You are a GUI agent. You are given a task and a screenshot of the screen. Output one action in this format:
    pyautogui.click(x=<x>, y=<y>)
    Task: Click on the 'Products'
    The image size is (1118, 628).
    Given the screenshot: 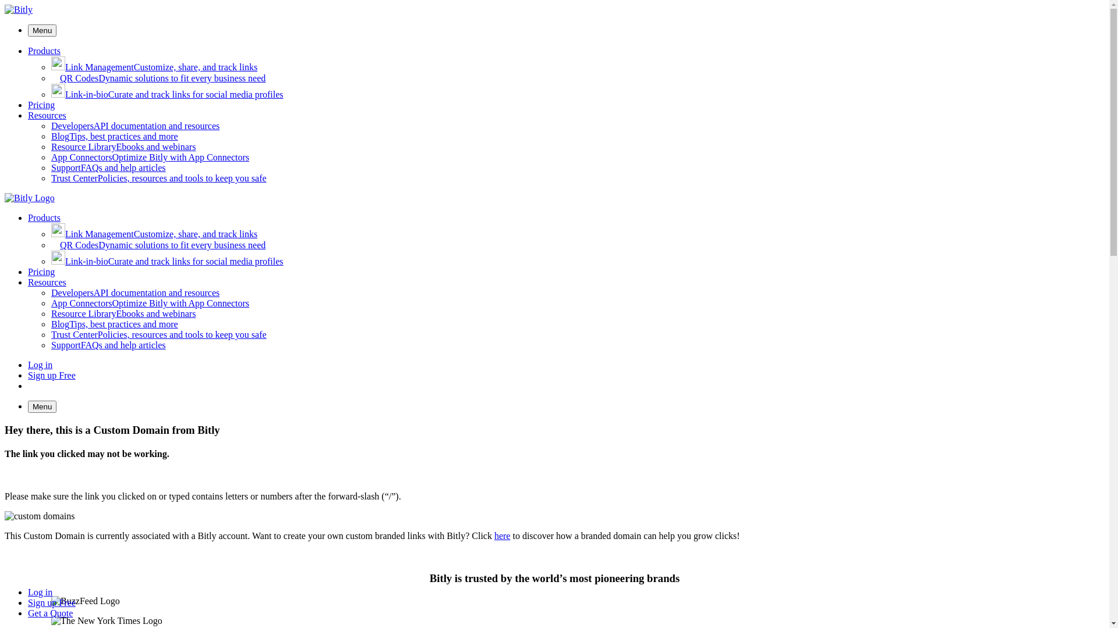 What is the action you would take?
    pyautogui.click(x=44, y=50)
    